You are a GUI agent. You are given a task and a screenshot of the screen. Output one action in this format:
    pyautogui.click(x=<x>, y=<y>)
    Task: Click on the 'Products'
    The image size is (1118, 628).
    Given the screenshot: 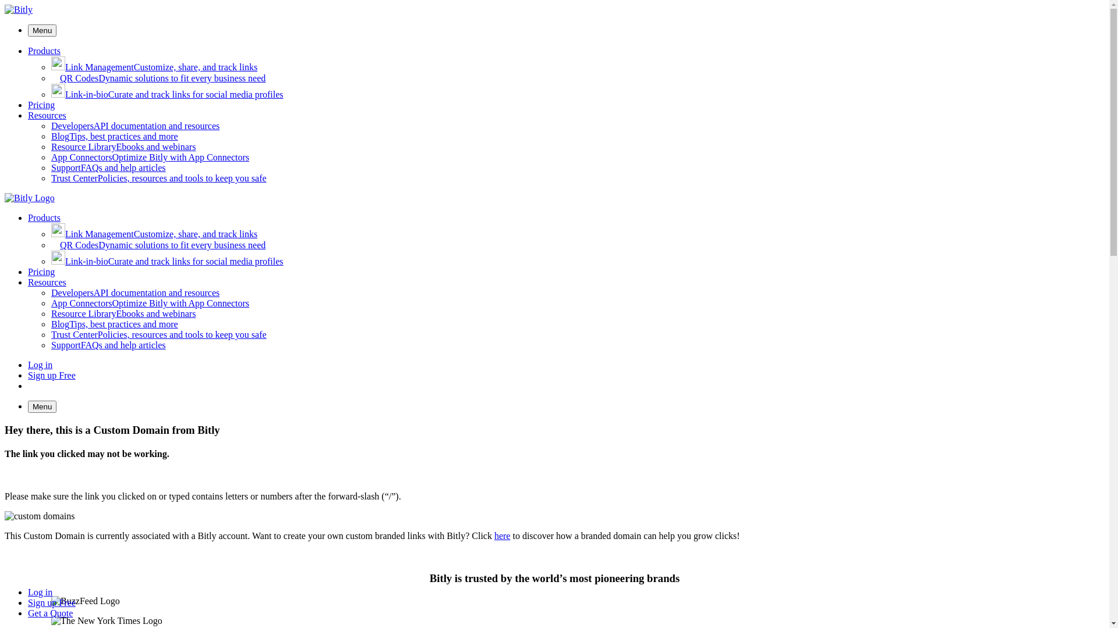 What is the action you would take?
    pyautogui.click(x=44, y=50)
    